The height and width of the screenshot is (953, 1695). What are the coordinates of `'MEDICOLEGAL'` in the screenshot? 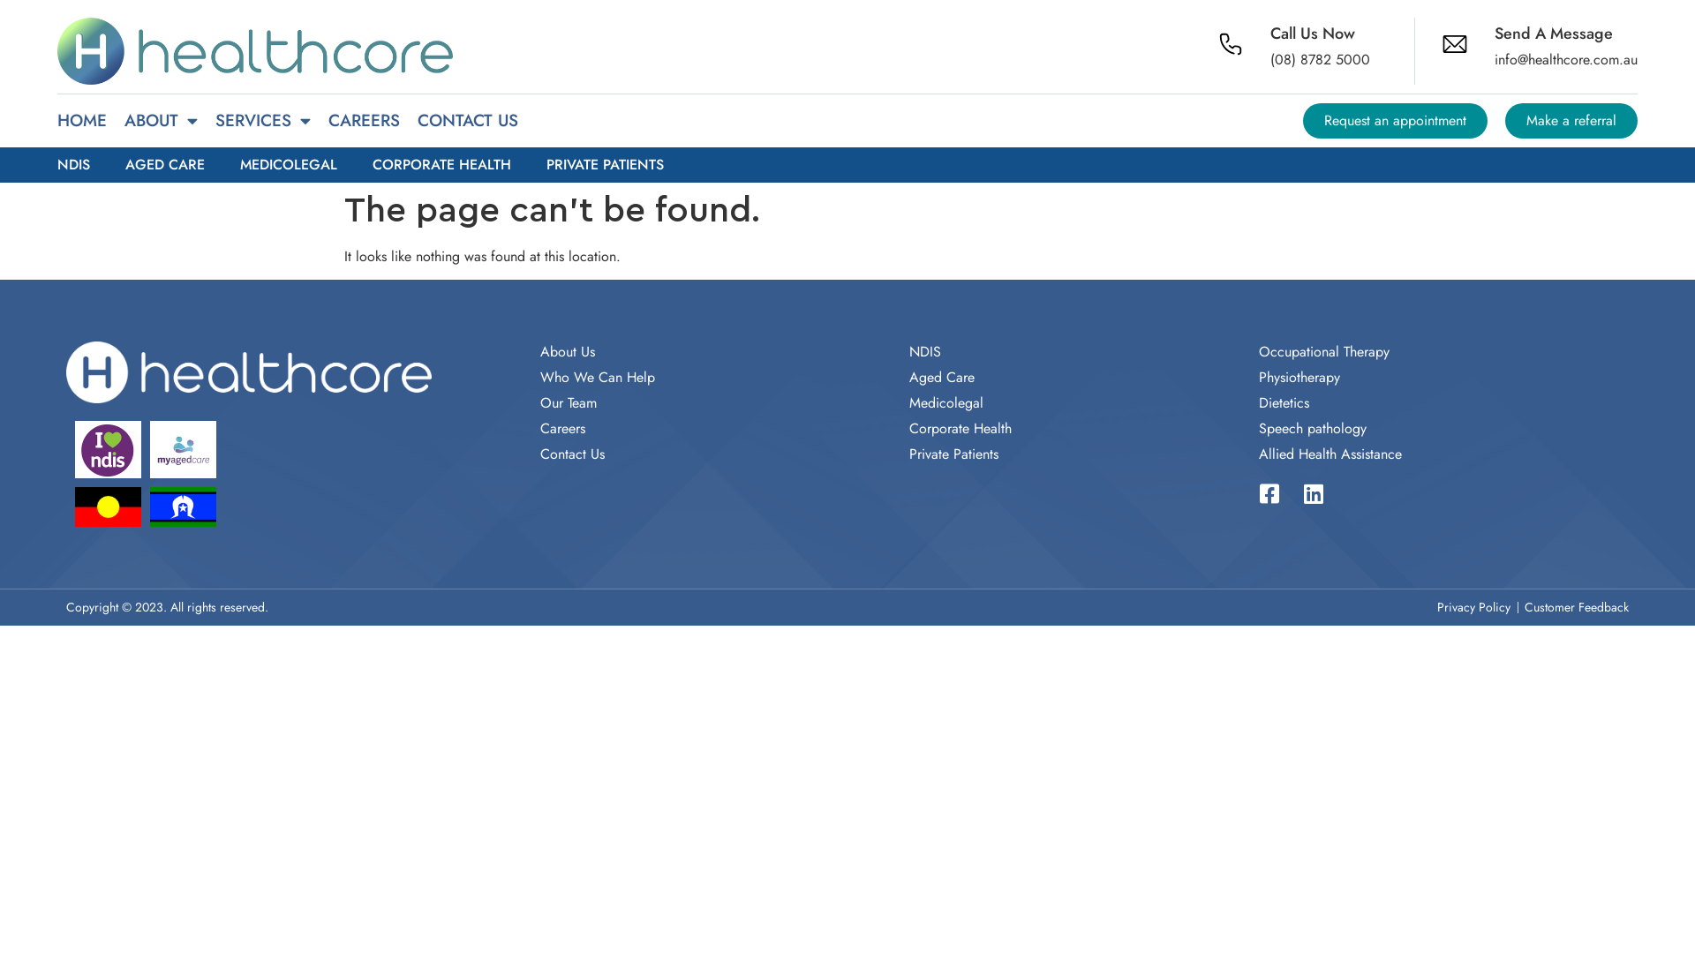 It's located at (288, 164).